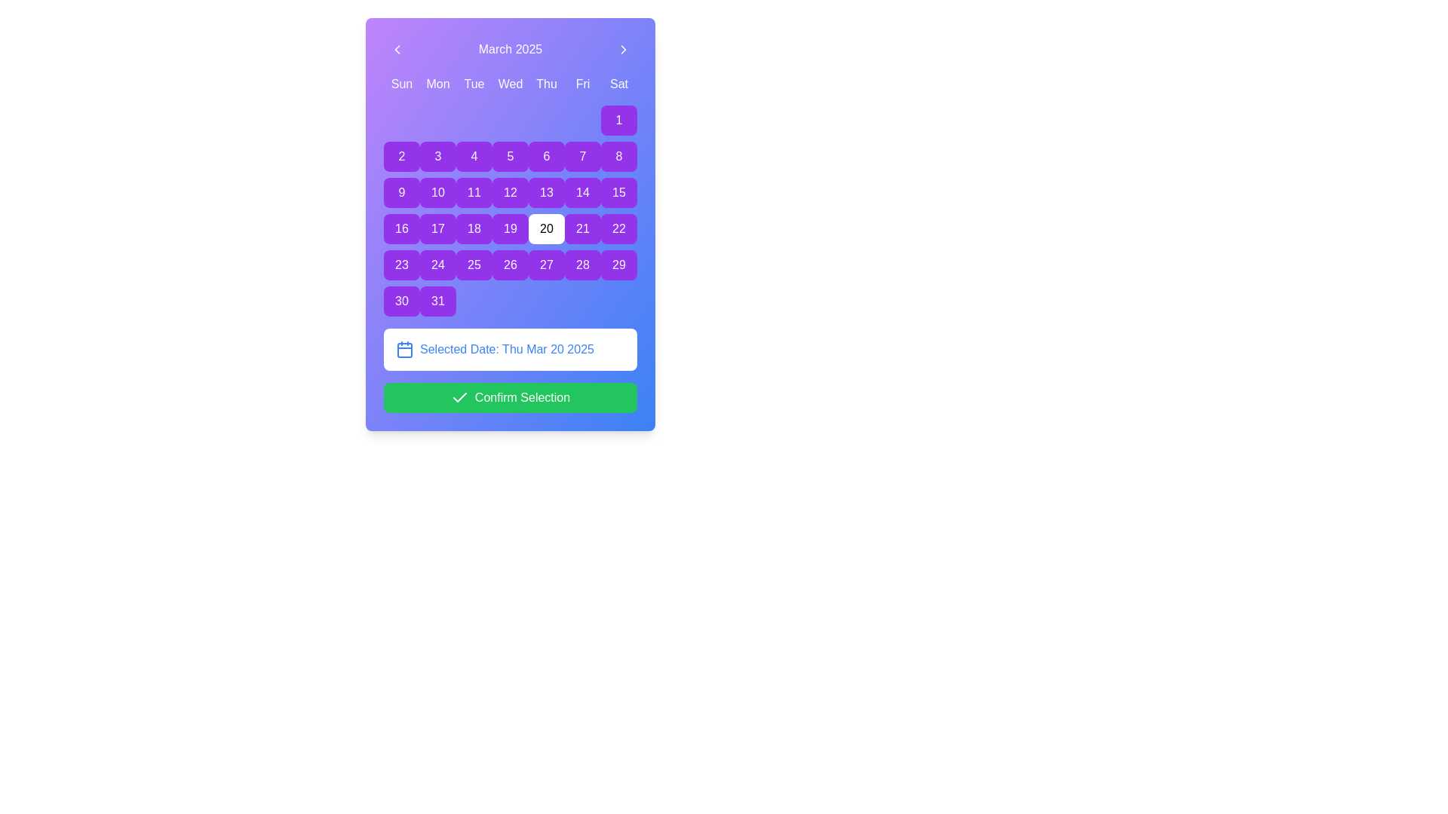 The image size is (1448, 814). What do you see at coordinates (437, 84) in the screenshot?
I see `the 'Mon' label, which is the second element in a horizontal layout of days of the week, displayed in a light purple box with white text` at bounding box center [437, 84].